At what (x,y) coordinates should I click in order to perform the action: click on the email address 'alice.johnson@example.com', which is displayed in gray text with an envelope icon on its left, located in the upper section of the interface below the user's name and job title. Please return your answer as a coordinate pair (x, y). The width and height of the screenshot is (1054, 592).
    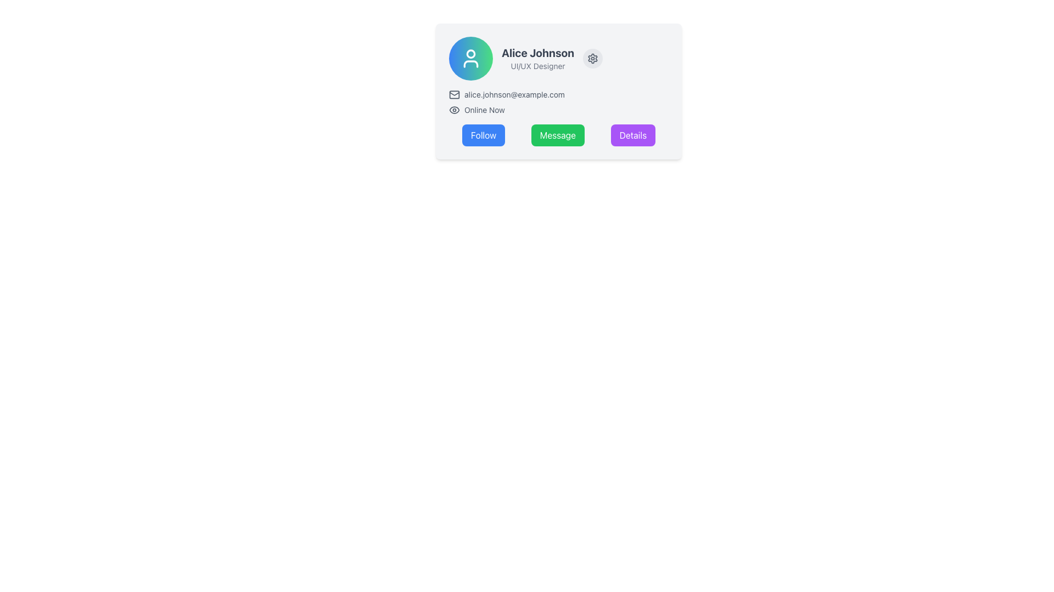
    Looking at the image, I should click on (558, 94).